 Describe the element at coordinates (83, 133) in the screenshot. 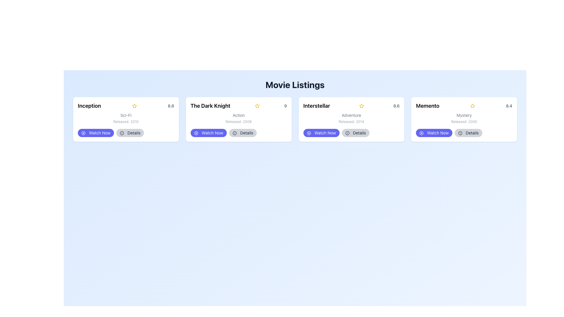

I see `the Decorative Circle element within the play button icon in the 'Inception' movie block of the Movie Listings interface` at that location.